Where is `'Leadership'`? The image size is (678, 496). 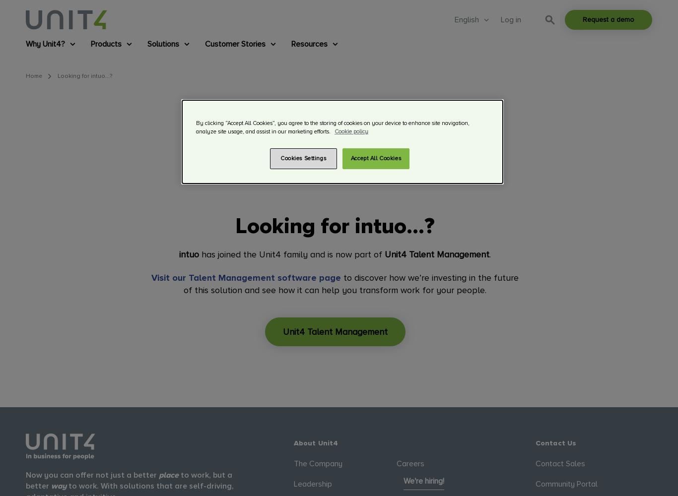 'Leadership' is located at coordinates (312, 483).